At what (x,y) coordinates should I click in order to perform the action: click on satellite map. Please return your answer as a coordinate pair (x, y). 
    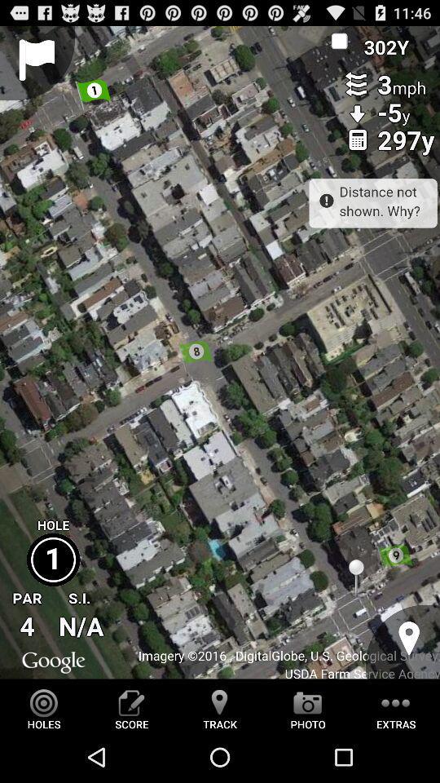
    Looking at the image, I should click on (220, 352).